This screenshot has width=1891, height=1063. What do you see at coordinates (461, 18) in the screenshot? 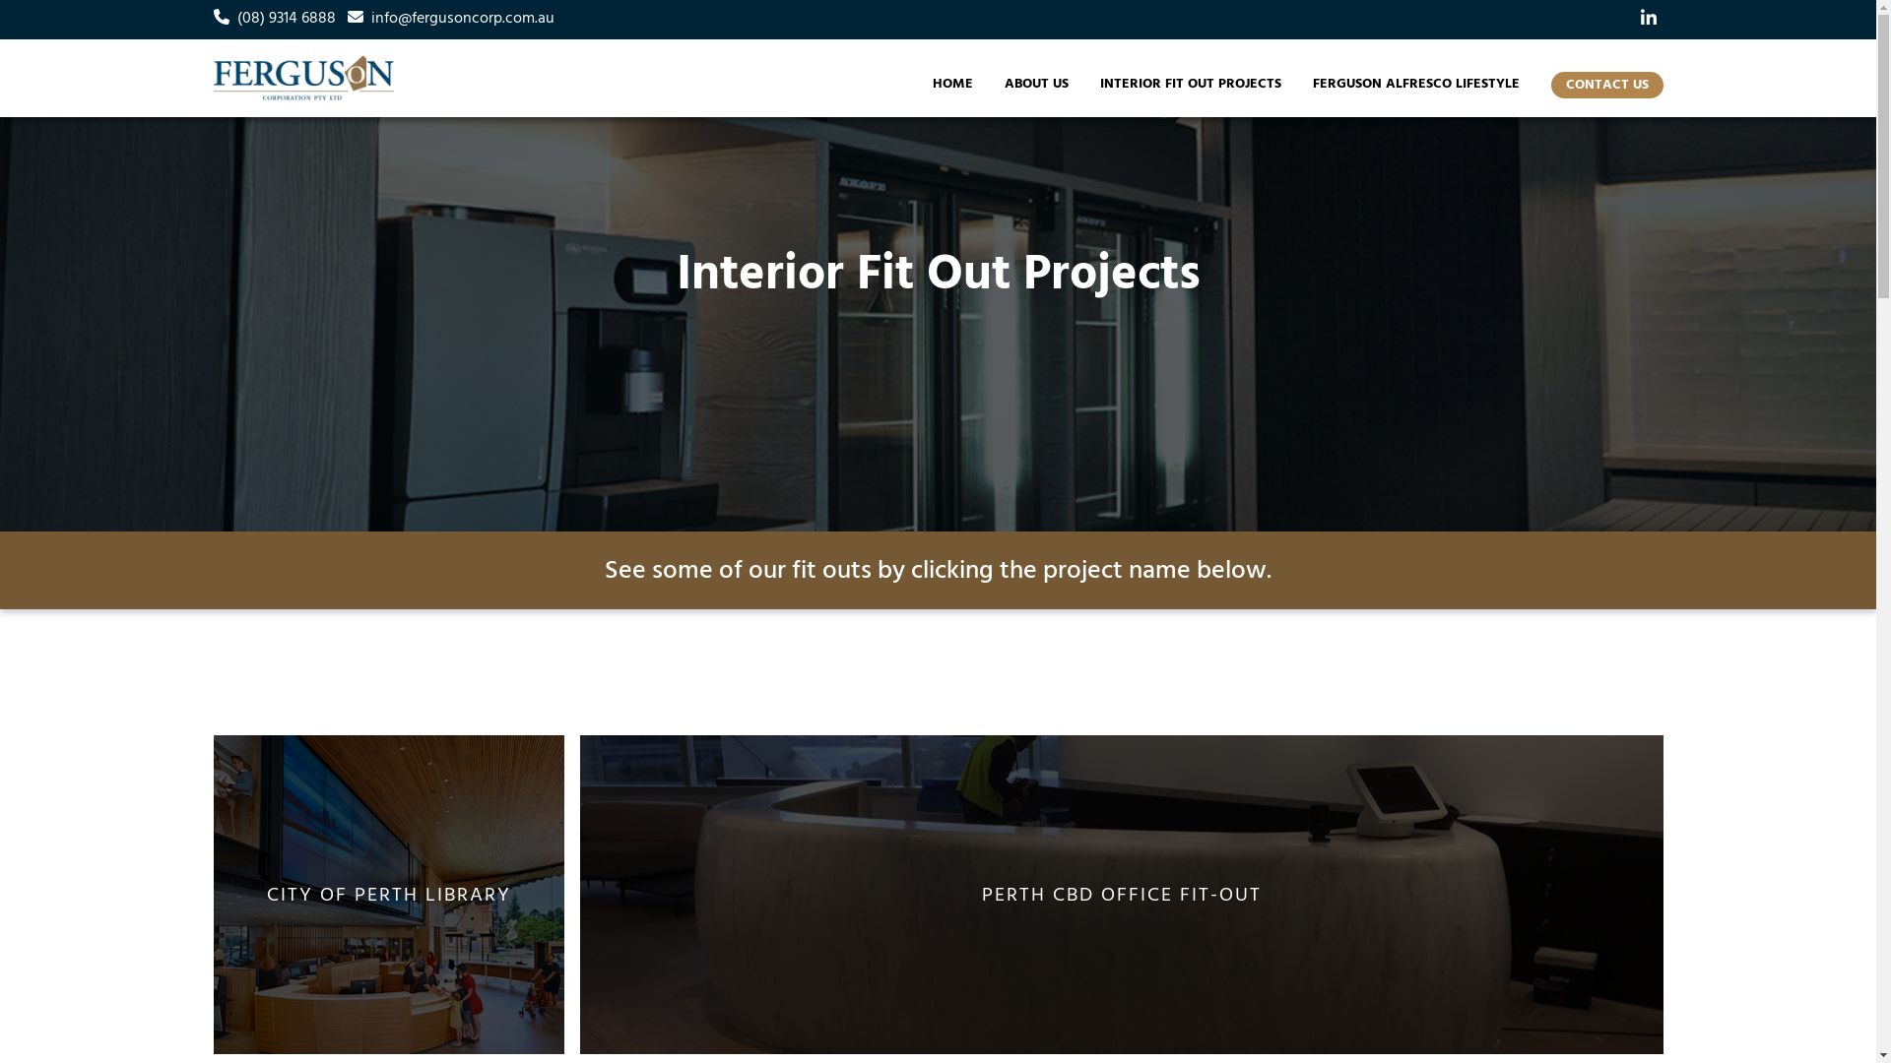
I see `'info@fergusoncorp.com.au'` at bounding box center [461, 18].